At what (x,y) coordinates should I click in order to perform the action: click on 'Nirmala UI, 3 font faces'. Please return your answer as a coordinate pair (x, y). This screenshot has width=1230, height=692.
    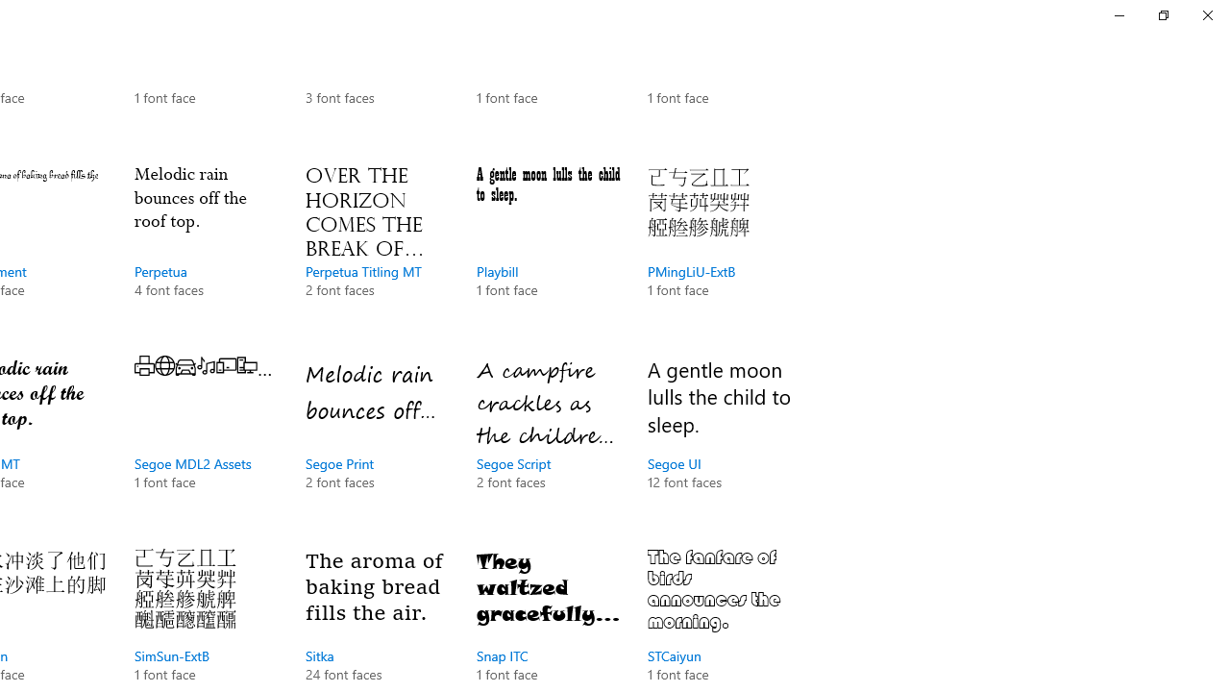
    Looking at the image, I should click on (377, 76).